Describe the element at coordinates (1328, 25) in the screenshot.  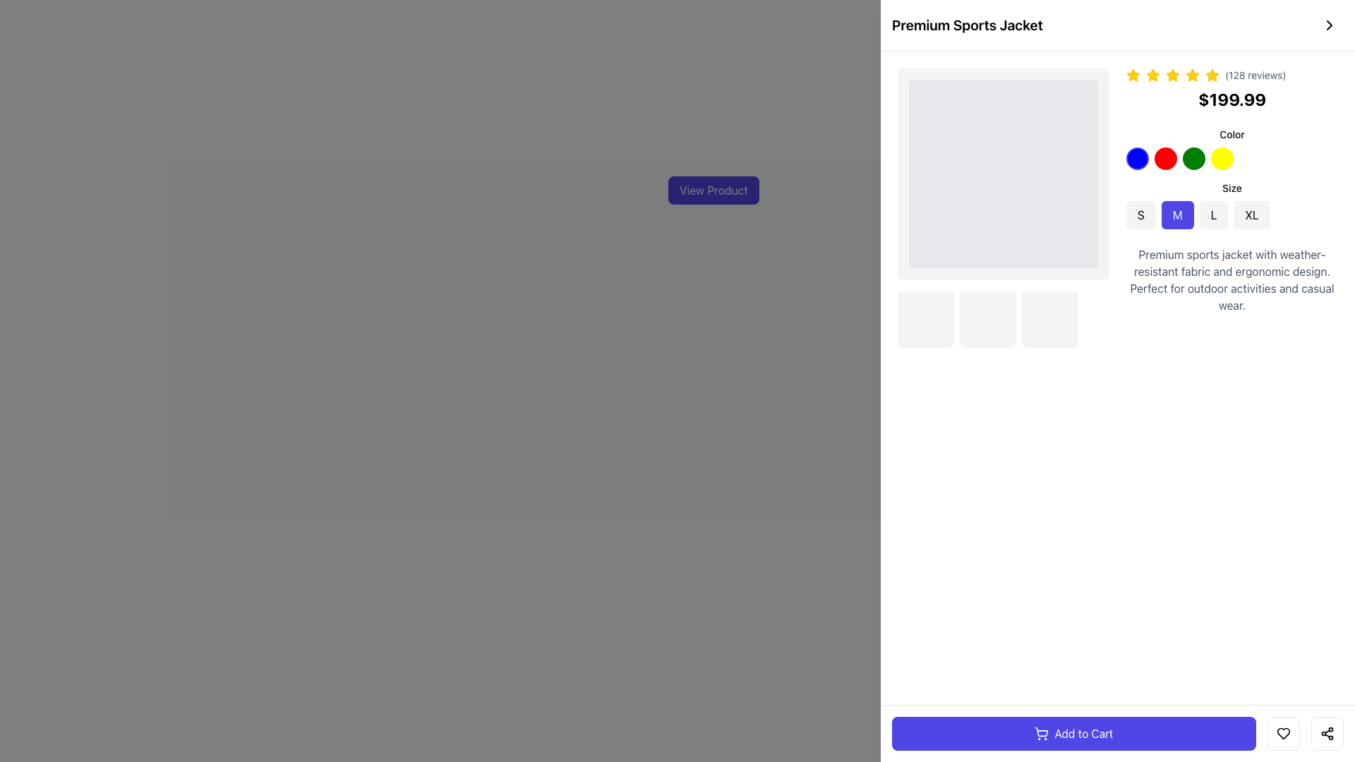
I see `the circular button with a chevron icon on the right side of the 'Premium Sports Jacket' text` at that location.